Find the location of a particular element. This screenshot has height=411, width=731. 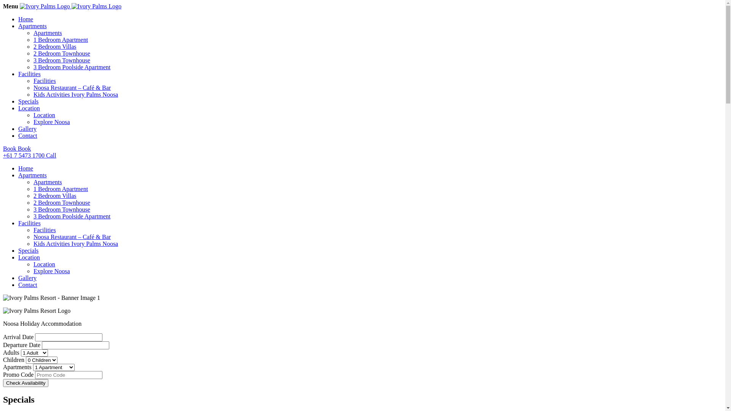

'Facilities' is located at coordinates (29, 74).